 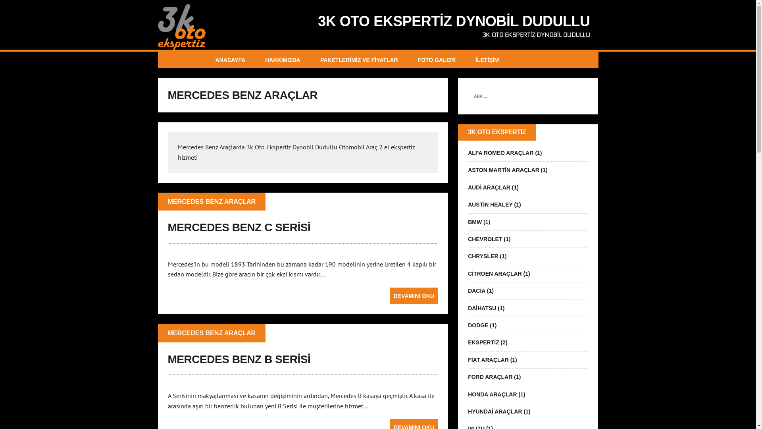 What do you see at coordinates (477, 325) in the screenshot?
I see `'DODGE'` at bounding box center [477, 325].